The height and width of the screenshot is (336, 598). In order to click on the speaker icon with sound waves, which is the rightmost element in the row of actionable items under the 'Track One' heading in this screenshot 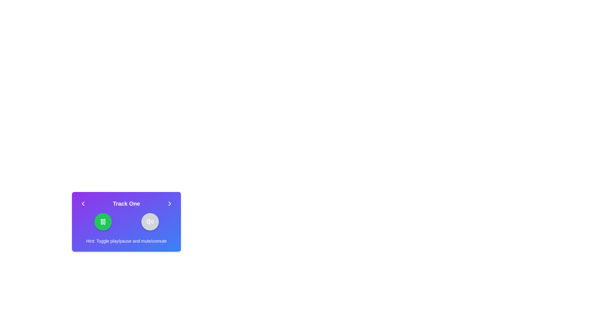, I will do `click(150, 222)`.